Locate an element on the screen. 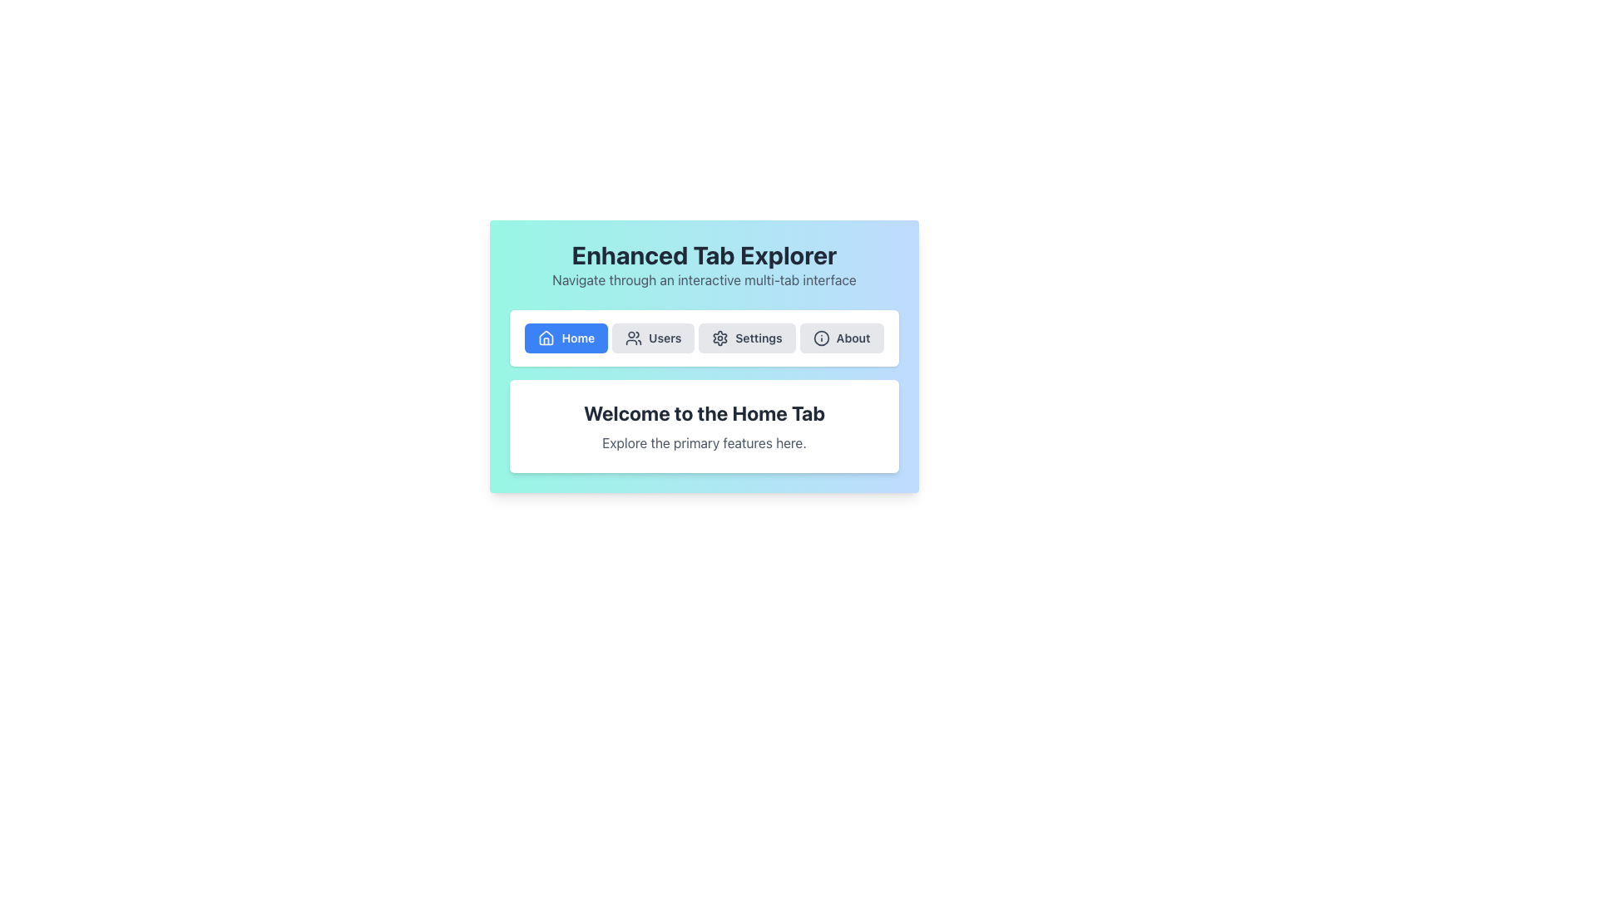  the house icon representing the Home feature, which is positioned to the left of the 'Home' button text is located at coordinates (546, 338).